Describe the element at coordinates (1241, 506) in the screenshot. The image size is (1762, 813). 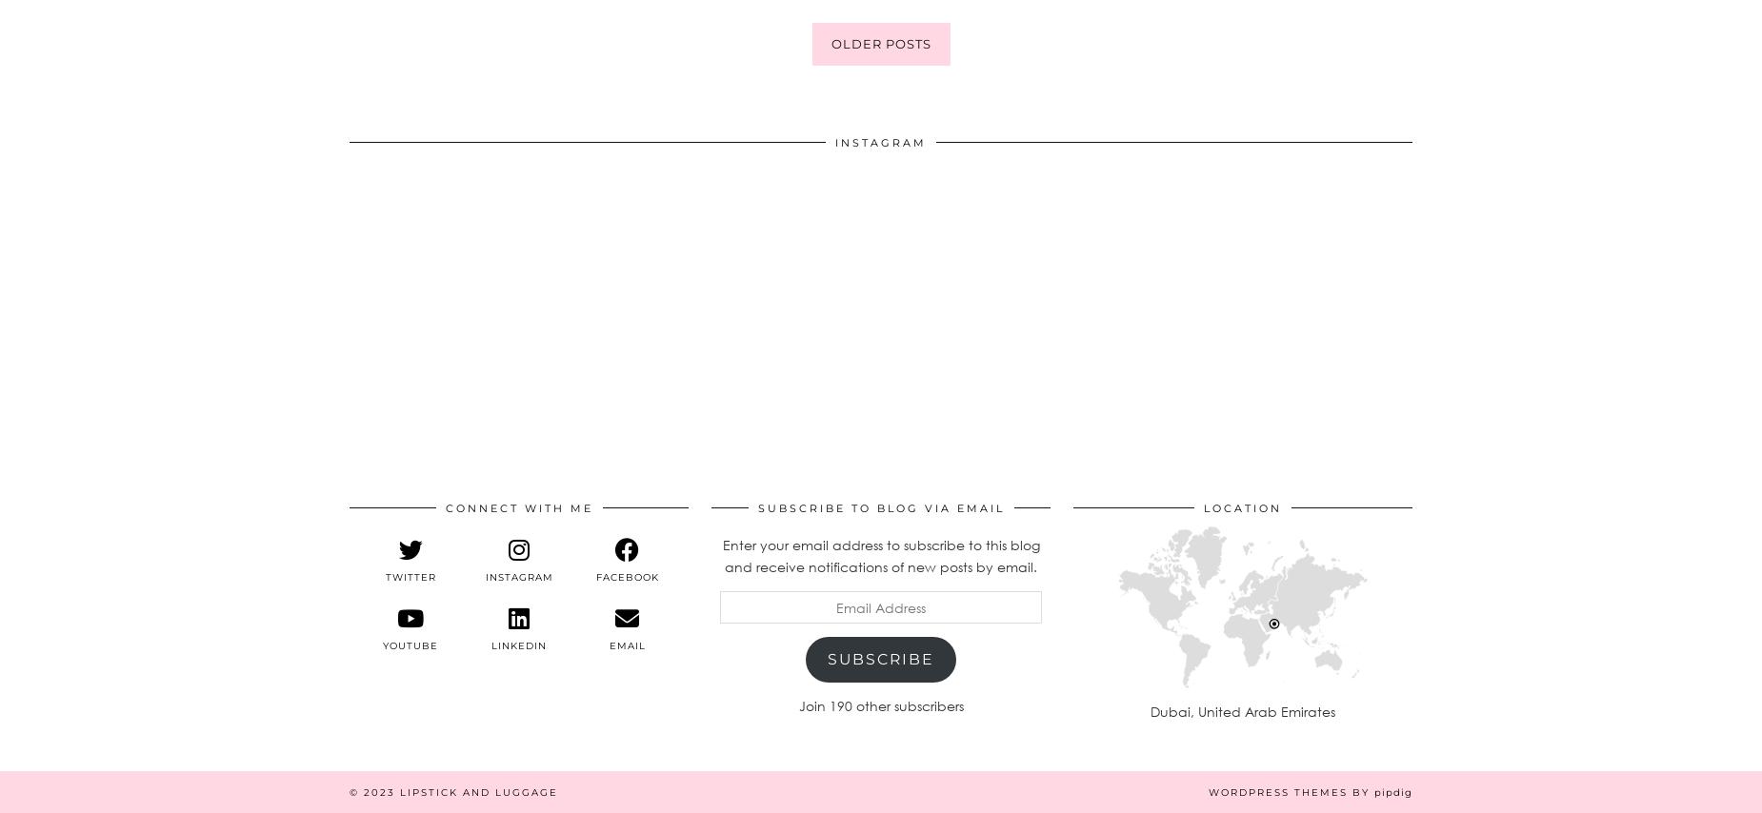
I see `'Location'` at that location.